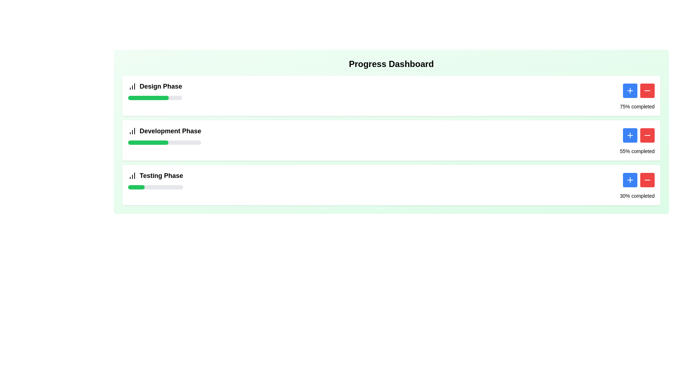 The width and height of the screenshot is (691, 389). I want to click on the minus ('-') icon button with a red background located in the bottom-right corner of the 'Testing Phase' section, so click(647, 180).